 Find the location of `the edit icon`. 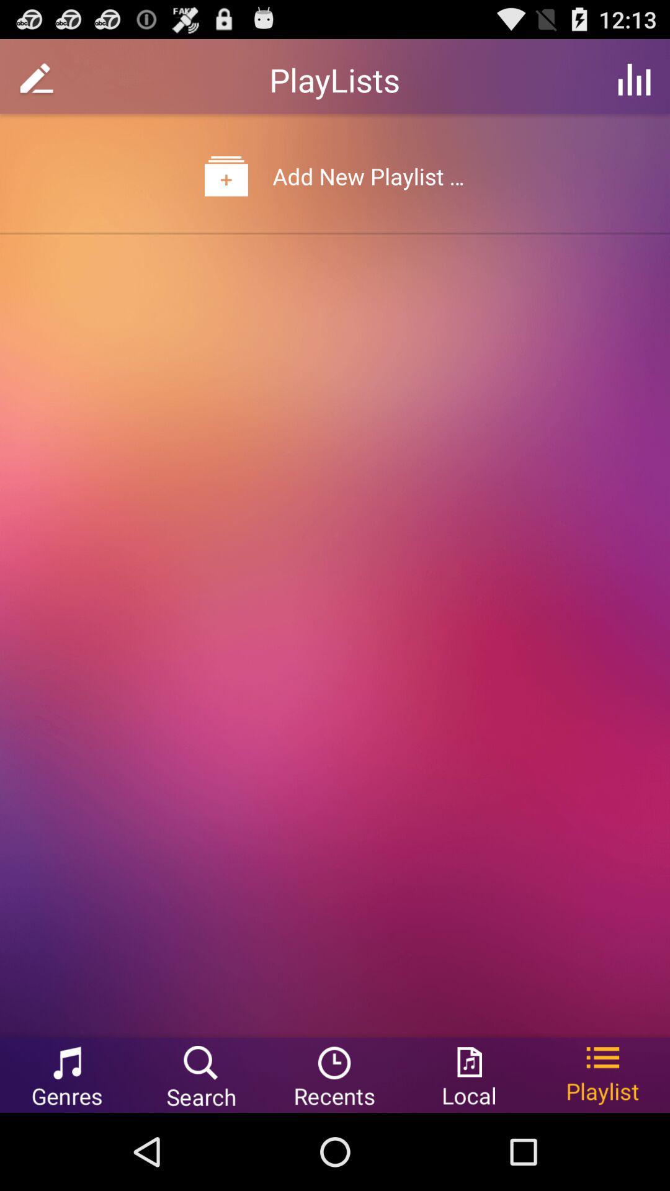

the edit icon is located at coordinates (36, 84).